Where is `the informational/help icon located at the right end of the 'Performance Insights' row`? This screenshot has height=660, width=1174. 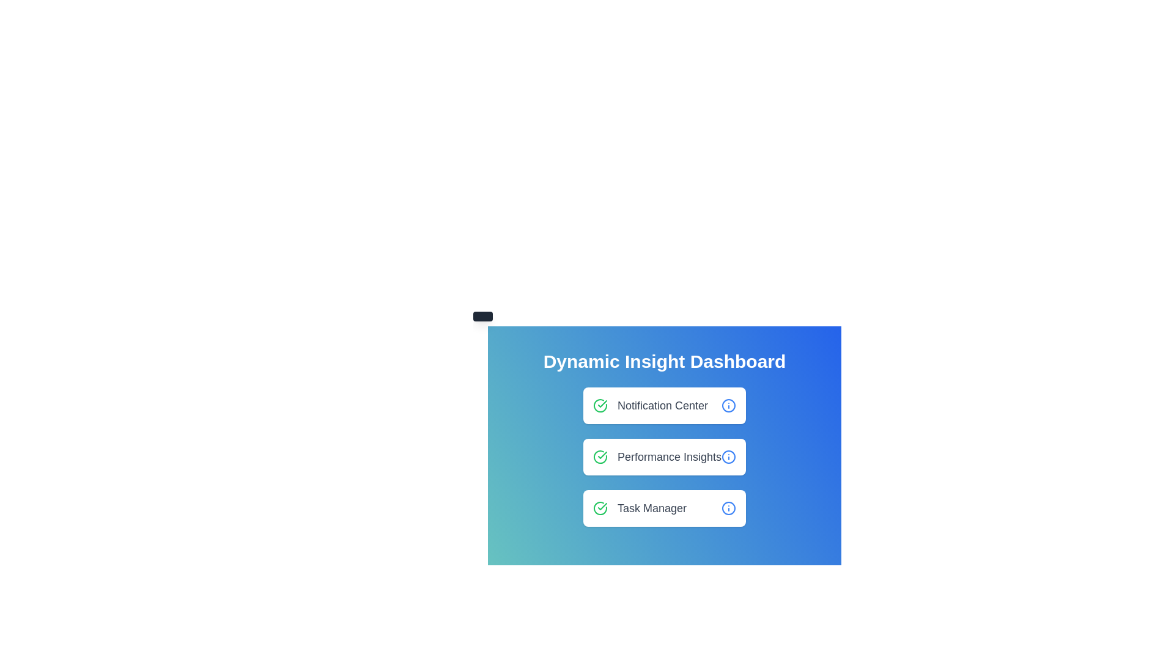
the informational/help icon located at the right end of the 'Performance Insights' row is located at coordinates (728, 457).